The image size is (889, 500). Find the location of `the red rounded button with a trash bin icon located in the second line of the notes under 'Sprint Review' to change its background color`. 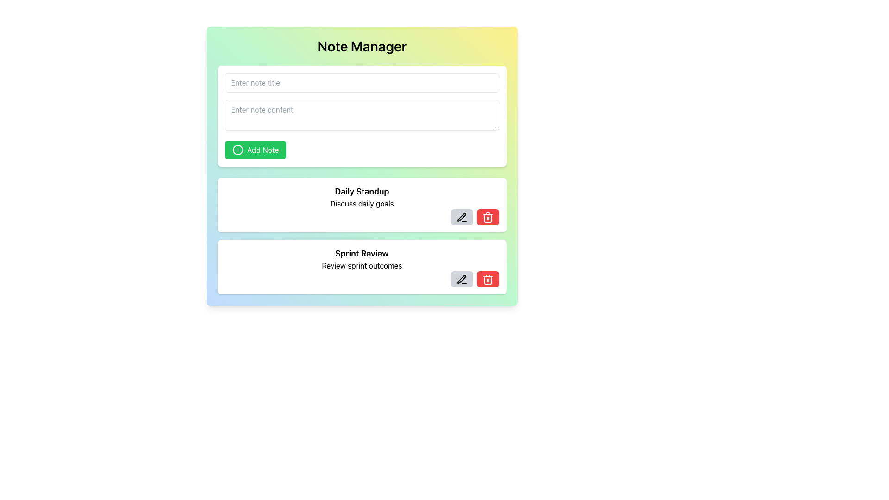

the red rounded button with a trash bin icon located in the second line of the notes under 'Sprint Review' to change its background color is located at coordinates (488, 278).